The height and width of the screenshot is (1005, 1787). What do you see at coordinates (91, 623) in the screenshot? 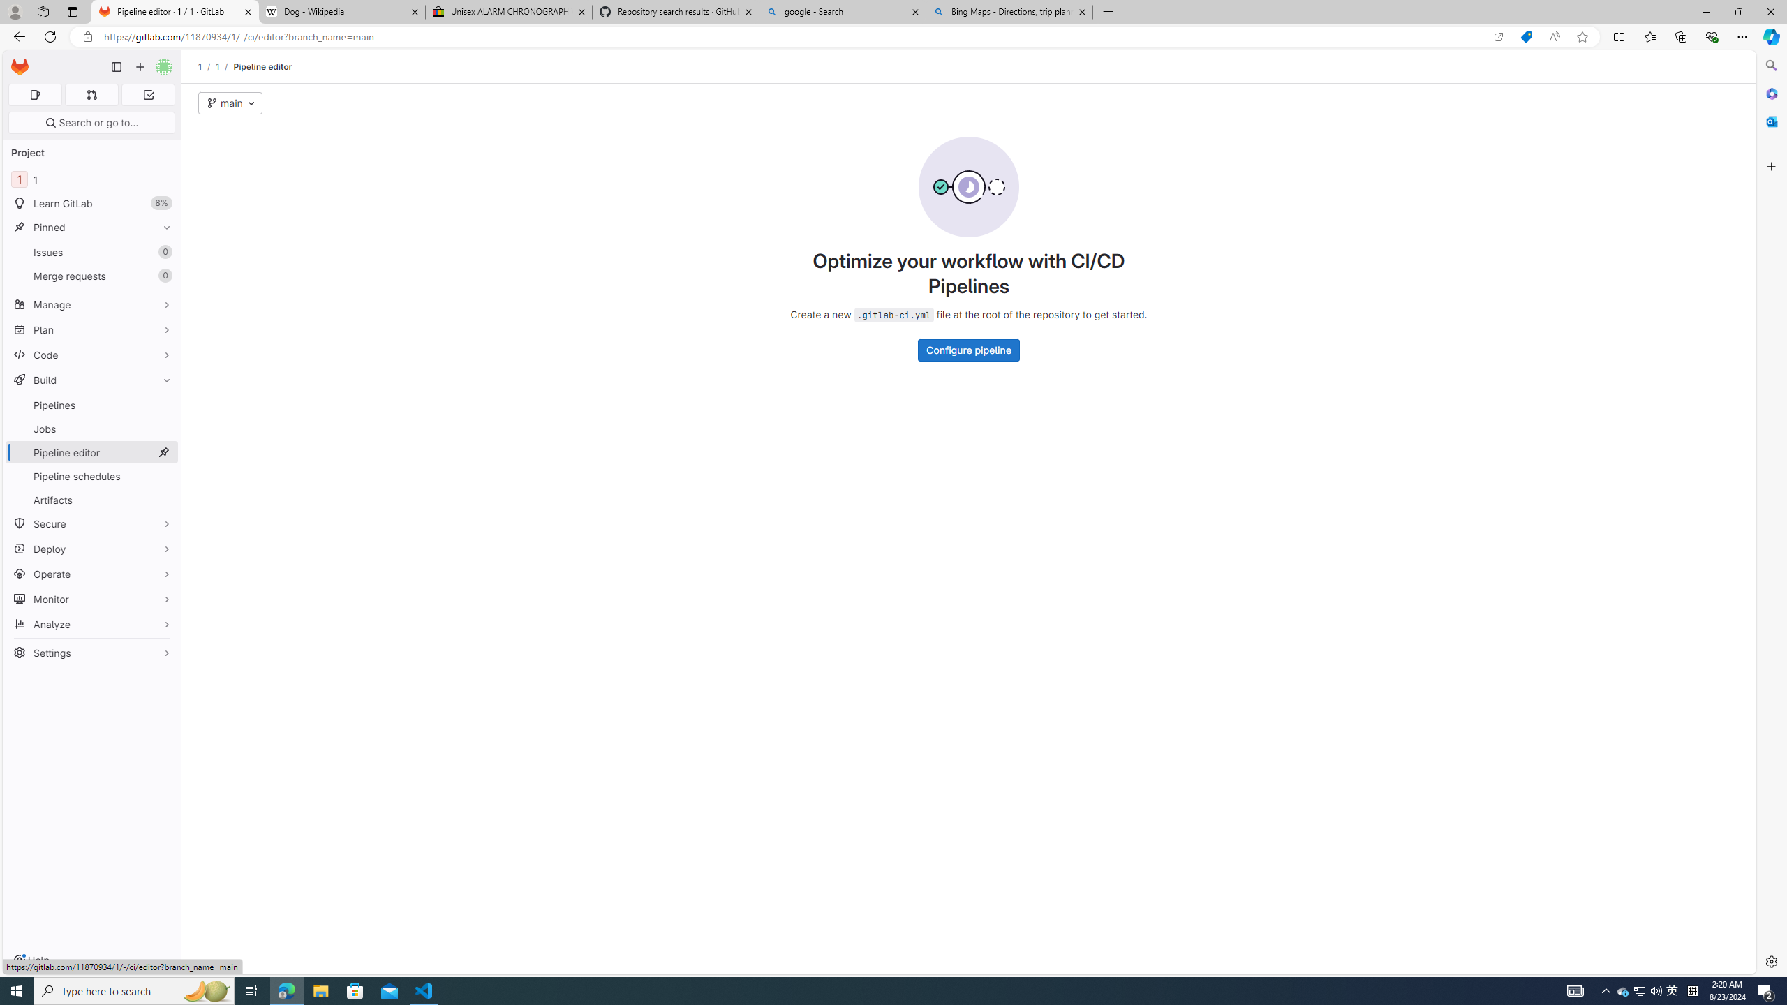
I see `'Analyze'` at bounding box center [91, 623].